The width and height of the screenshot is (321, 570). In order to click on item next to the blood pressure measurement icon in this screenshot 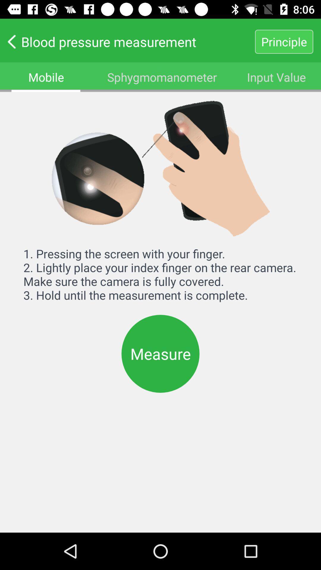, I will do `click(284, 41)`.